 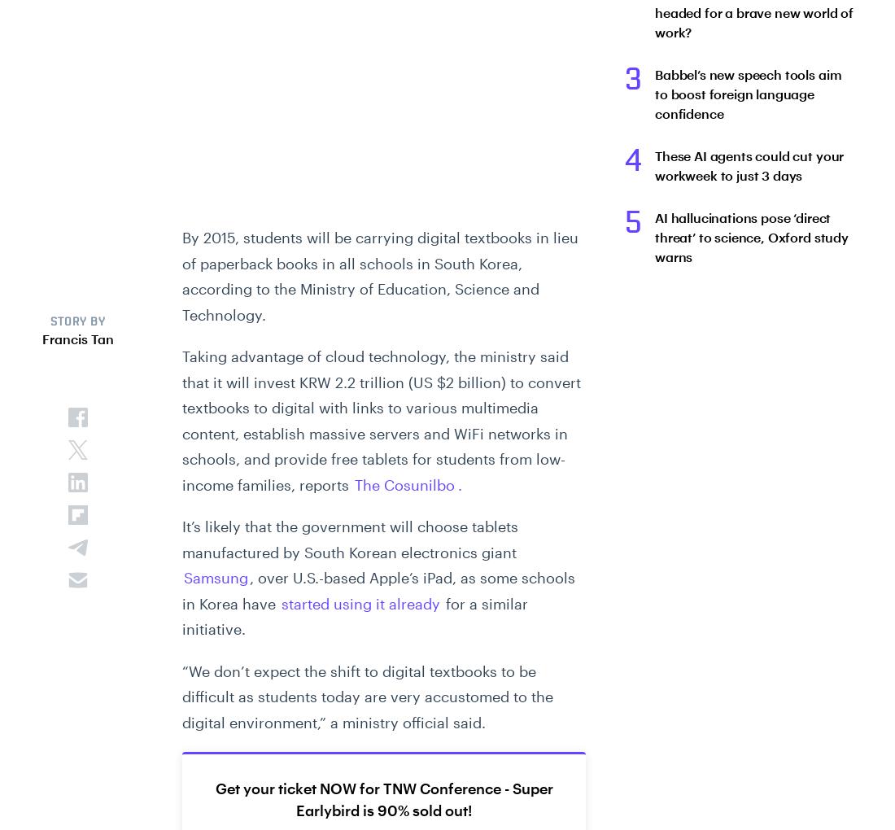 What do you see at coordinates (654, 164) in the screenshot?
I see `'These AI agents could cut your workweek to just 3 days'` at bounding box center [654, 164].